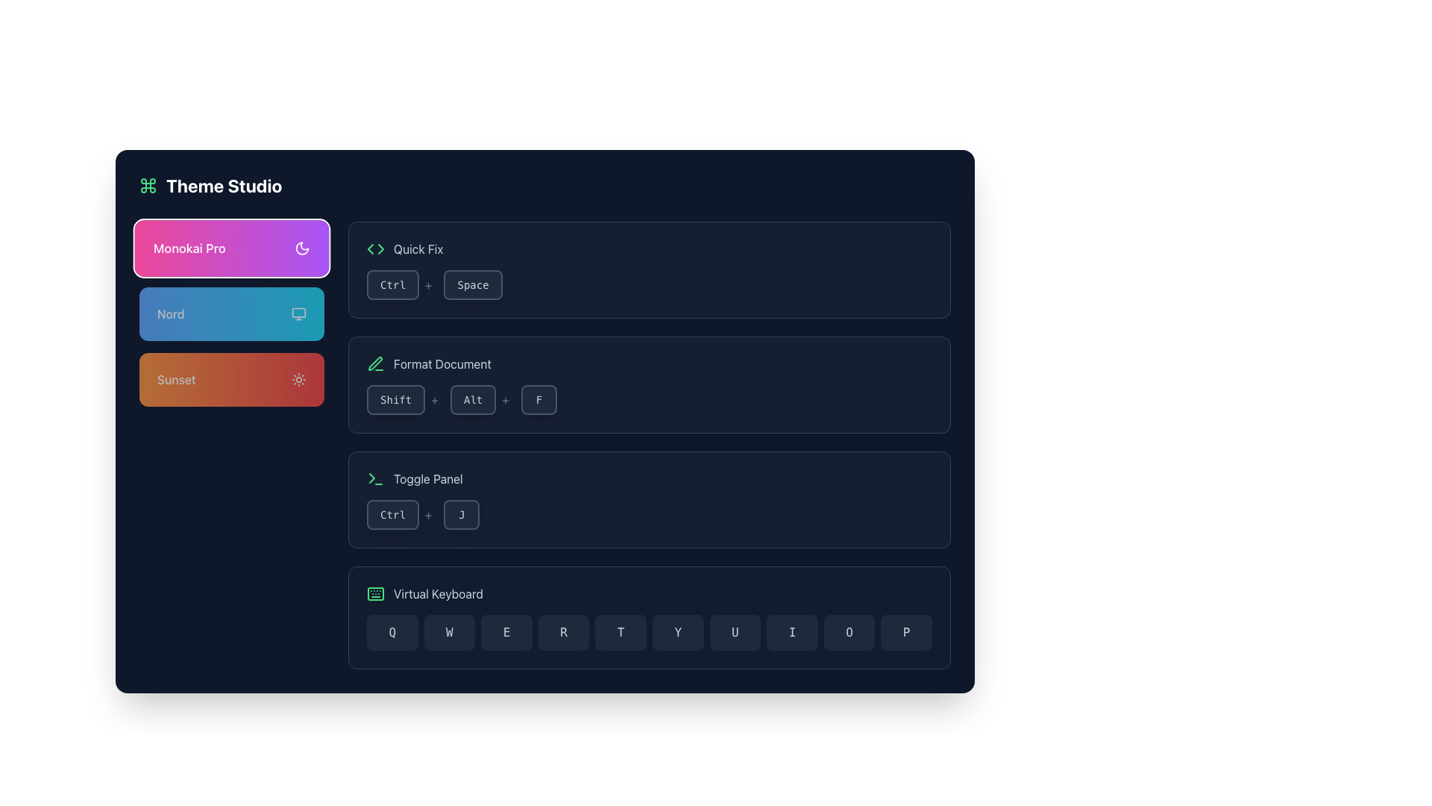  I want to click on the 'Virtual Keyboard' text label, which is a light gray textual element styled with the 'text-slate-300' class, located to the right of a green keyboard icon in the bottom section of the interface, so click(437, 593).